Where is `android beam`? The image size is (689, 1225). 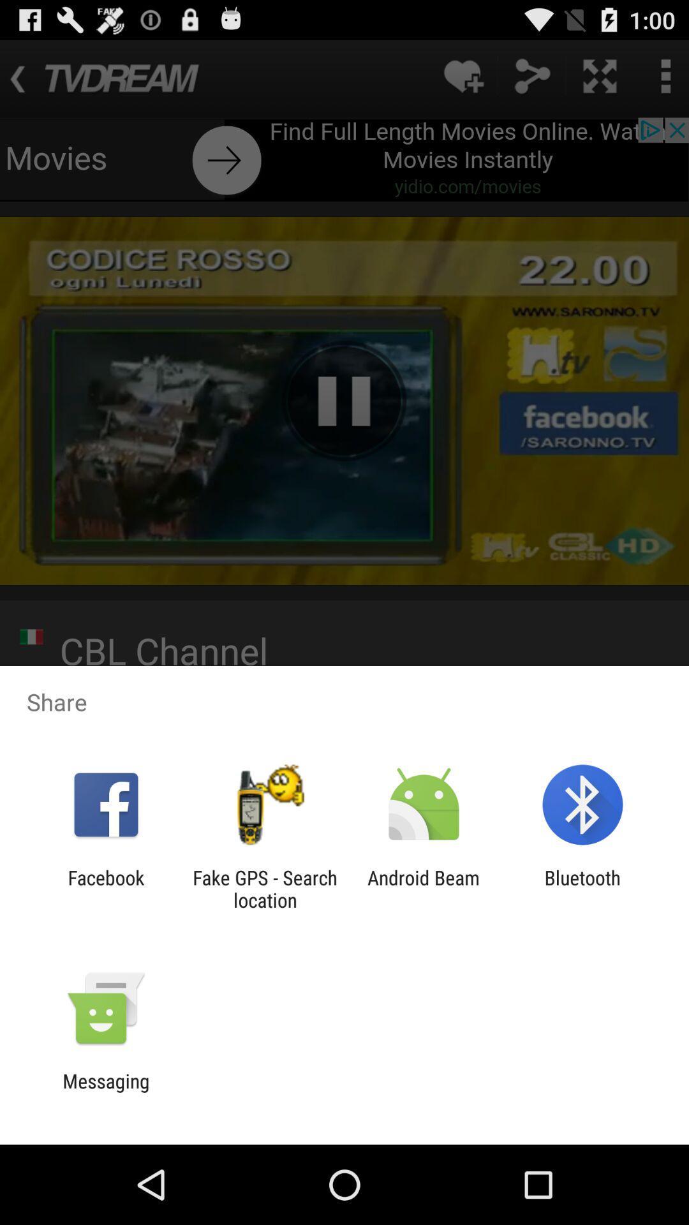 android beam is located at coordinates (424, 888).